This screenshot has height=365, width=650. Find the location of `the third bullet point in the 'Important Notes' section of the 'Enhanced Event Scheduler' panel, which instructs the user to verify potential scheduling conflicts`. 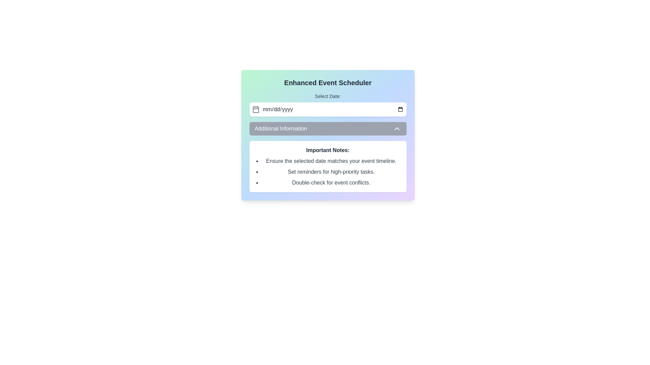

the third bullet point in the 'Important Notes' section of the 'Enhanced Event Scheduler' panel, which instructs the user to verify potential scheduling conflicts is located at coordinates (331, 182).